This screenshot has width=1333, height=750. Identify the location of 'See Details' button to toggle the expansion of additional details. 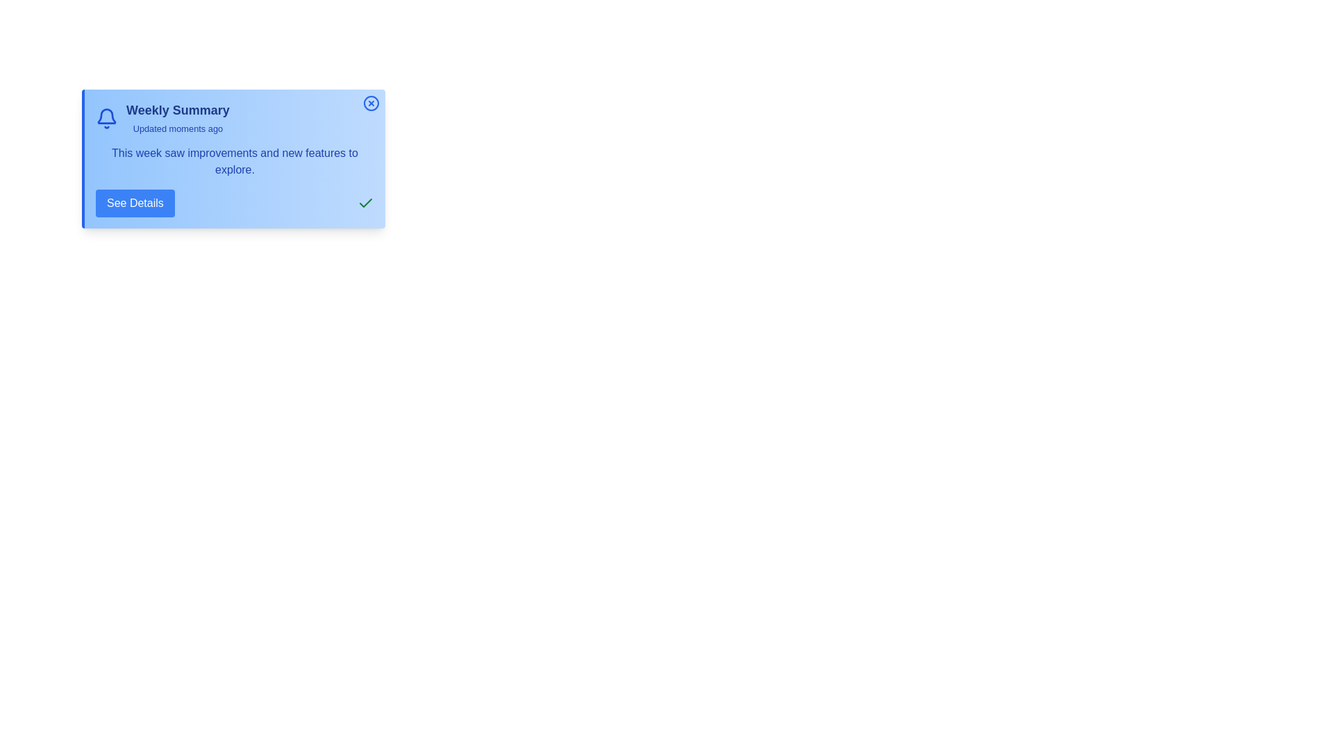
(135, 203).